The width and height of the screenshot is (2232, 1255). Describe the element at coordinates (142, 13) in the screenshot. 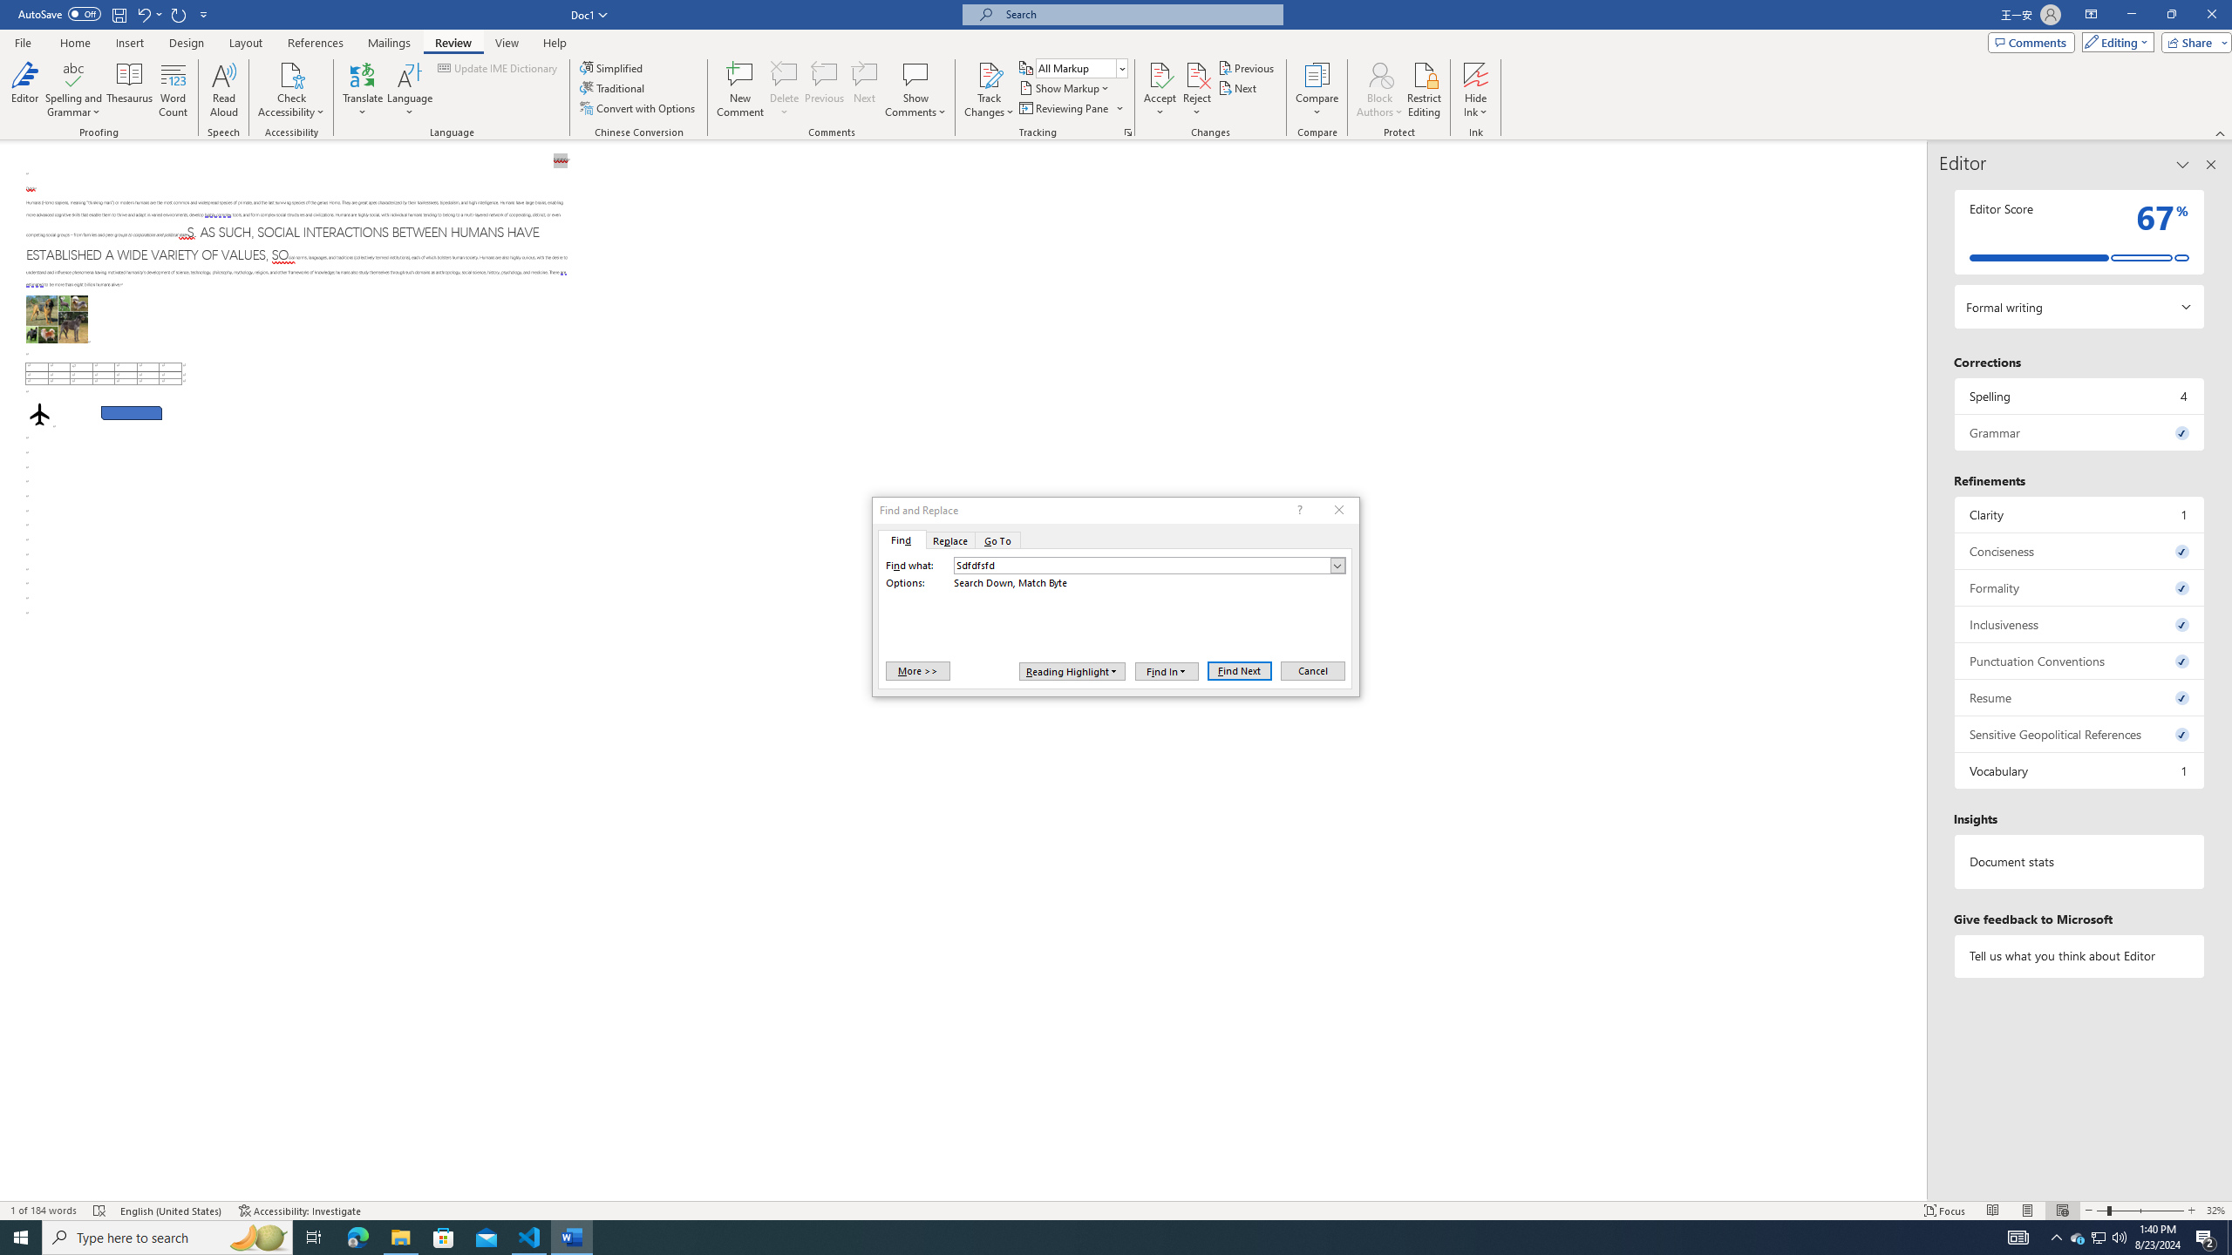

I see `'Undo Paragraph Alignment'` at that location.